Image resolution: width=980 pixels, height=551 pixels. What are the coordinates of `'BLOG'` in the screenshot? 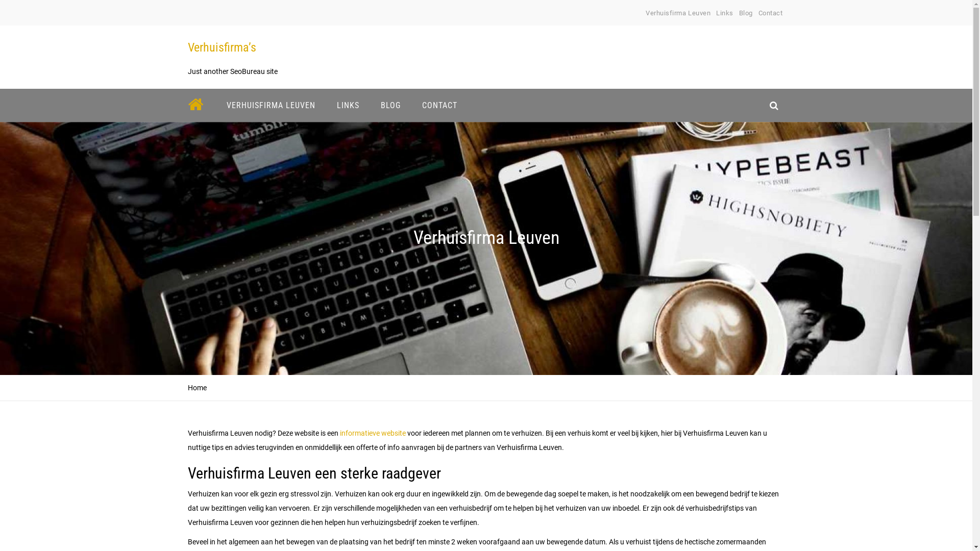 It's located at (389, 105).